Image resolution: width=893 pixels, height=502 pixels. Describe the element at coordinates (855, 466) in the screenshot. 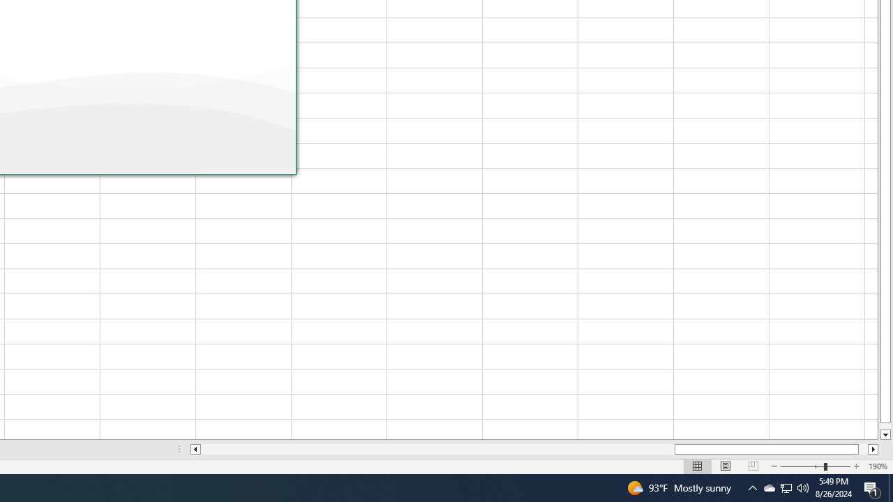

I see `'Q2790: 100%'` at that location.